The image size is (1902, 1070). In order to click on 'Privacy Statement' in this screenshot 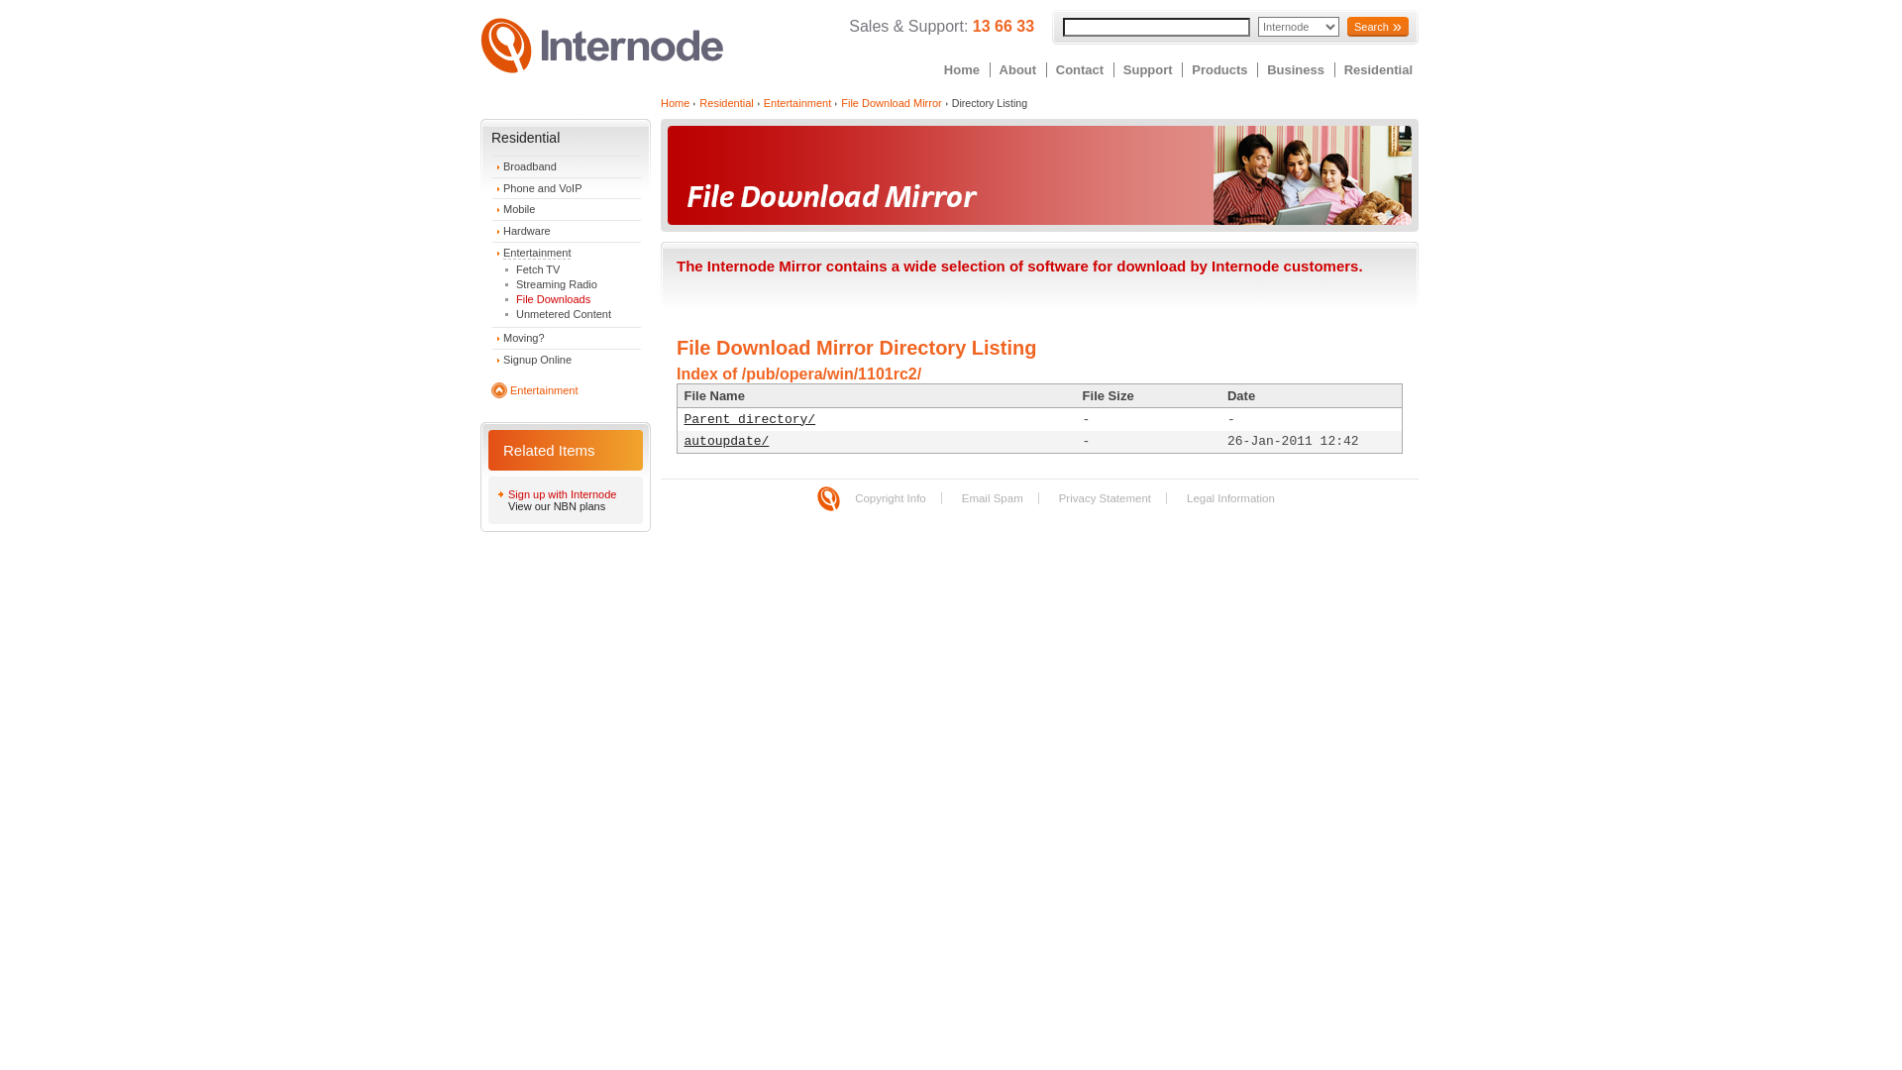, I will do `click(1104, 496)`.